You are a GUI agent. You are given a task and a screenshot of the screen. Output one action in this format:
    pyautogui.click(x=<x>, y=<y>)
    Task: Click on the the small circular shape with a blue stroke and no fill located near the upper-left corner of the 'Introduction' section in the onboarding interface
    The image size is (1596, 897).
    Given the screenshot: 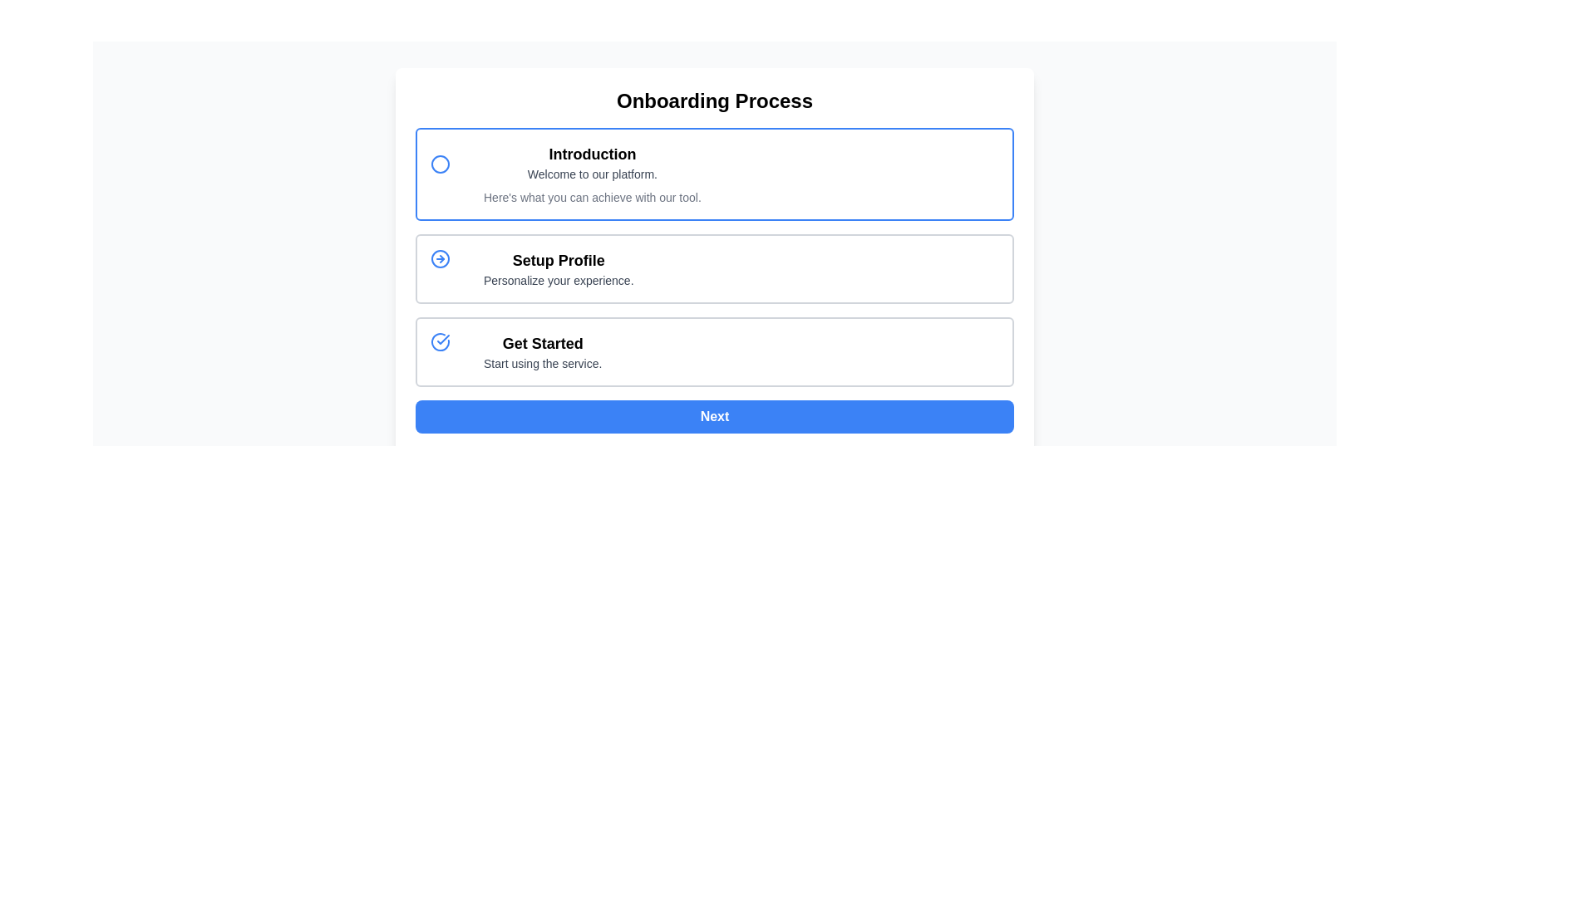 What is the action you would take?
    pyautogui.click(x=440, y=164)
    